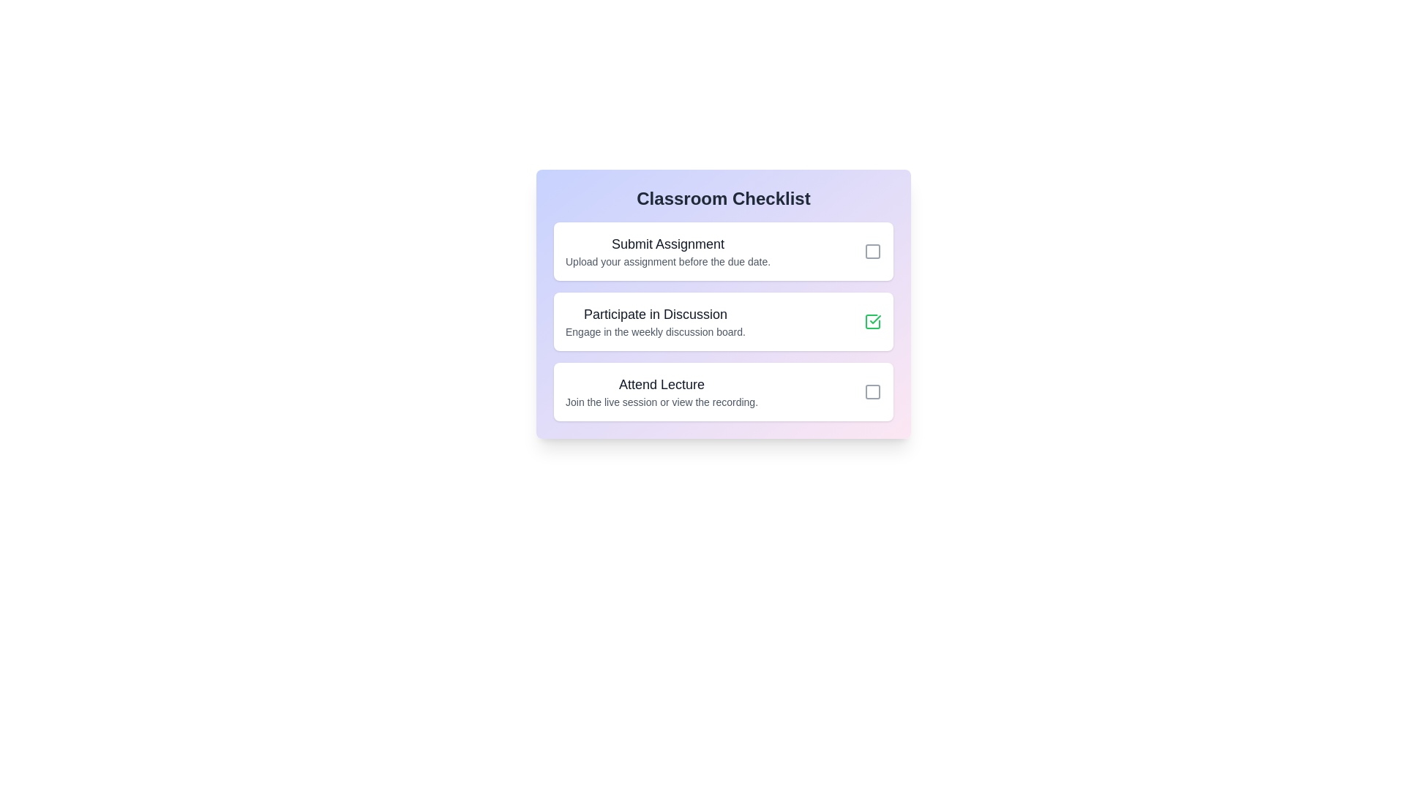  What do you see at coordinates (873, 391) in the screenshot?
I see `the checkbox located at the far-right end of the 'Attend Lecture' card, which is a square icon with a light gray border` at bounding box center [873, 391].